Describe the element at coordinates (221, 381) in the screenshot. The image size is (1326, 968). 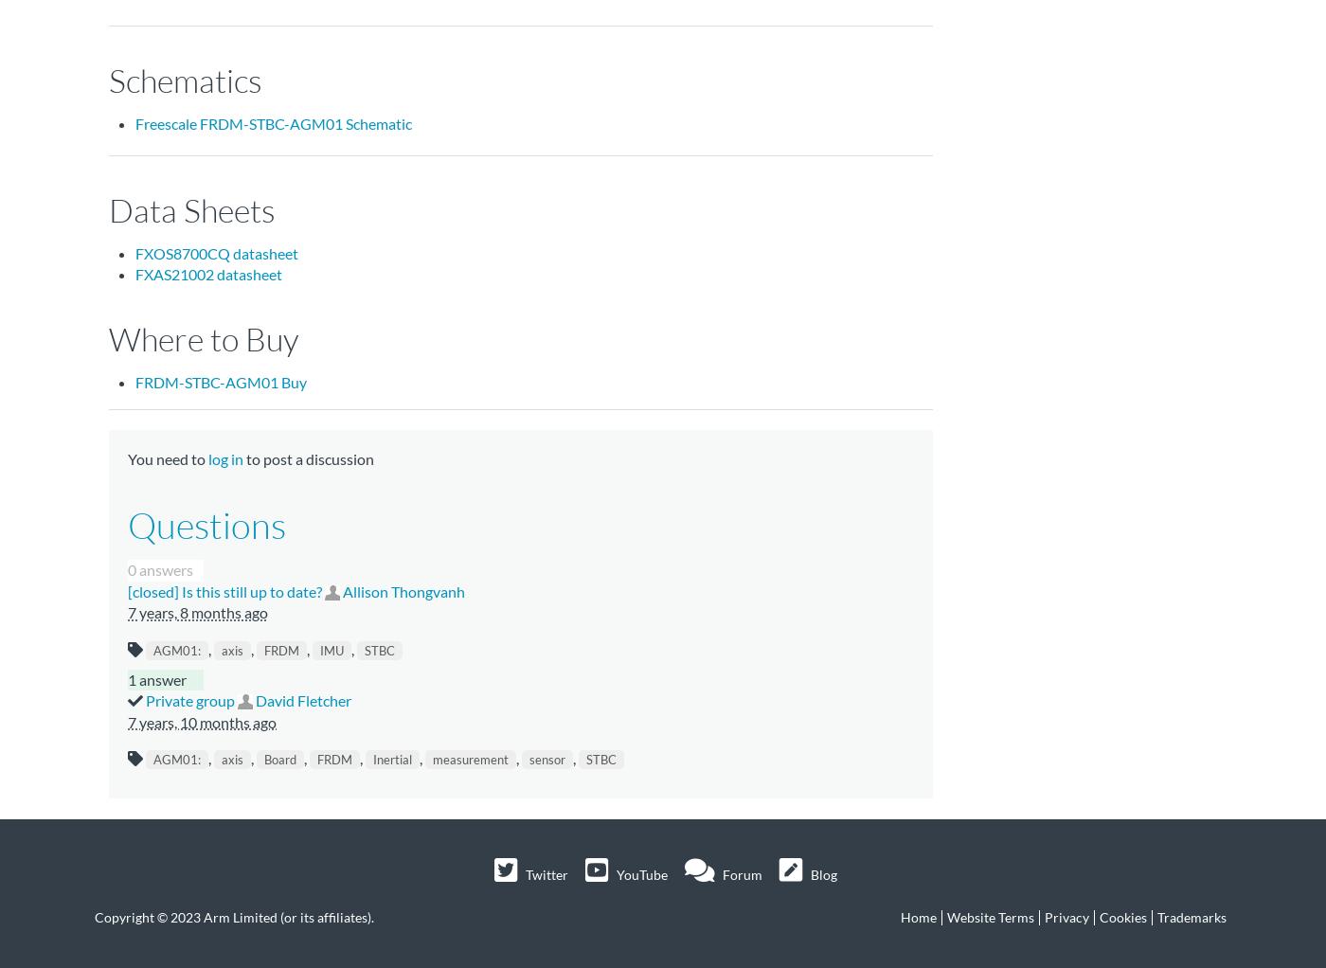
I see `'FRDM-STBC-AGM01 Buy'` at that location.